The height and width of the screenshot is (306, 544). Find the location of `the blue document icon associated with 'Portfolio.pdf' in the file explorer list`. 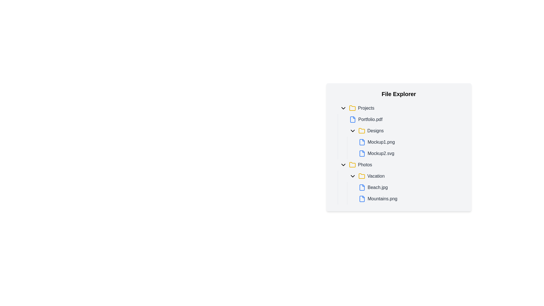

the blue document icon associated with 'Portfolio.pdf' in the file explorer list is located at coordinates (352, 119).